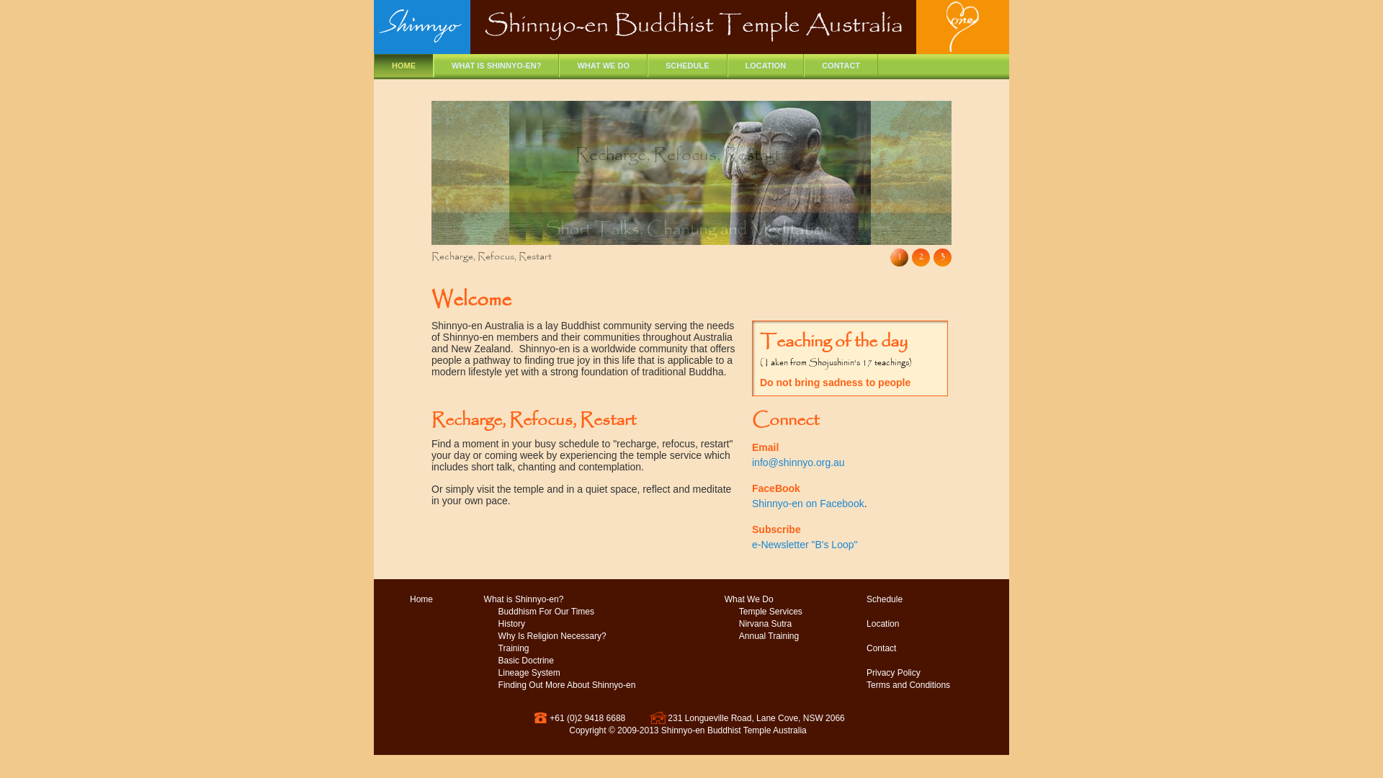 This screenshot has width=1383, height=778. What do you see at coordinates (514, 648) in the screenshot?
I see `'Training'` at bounding box center [514, 648].